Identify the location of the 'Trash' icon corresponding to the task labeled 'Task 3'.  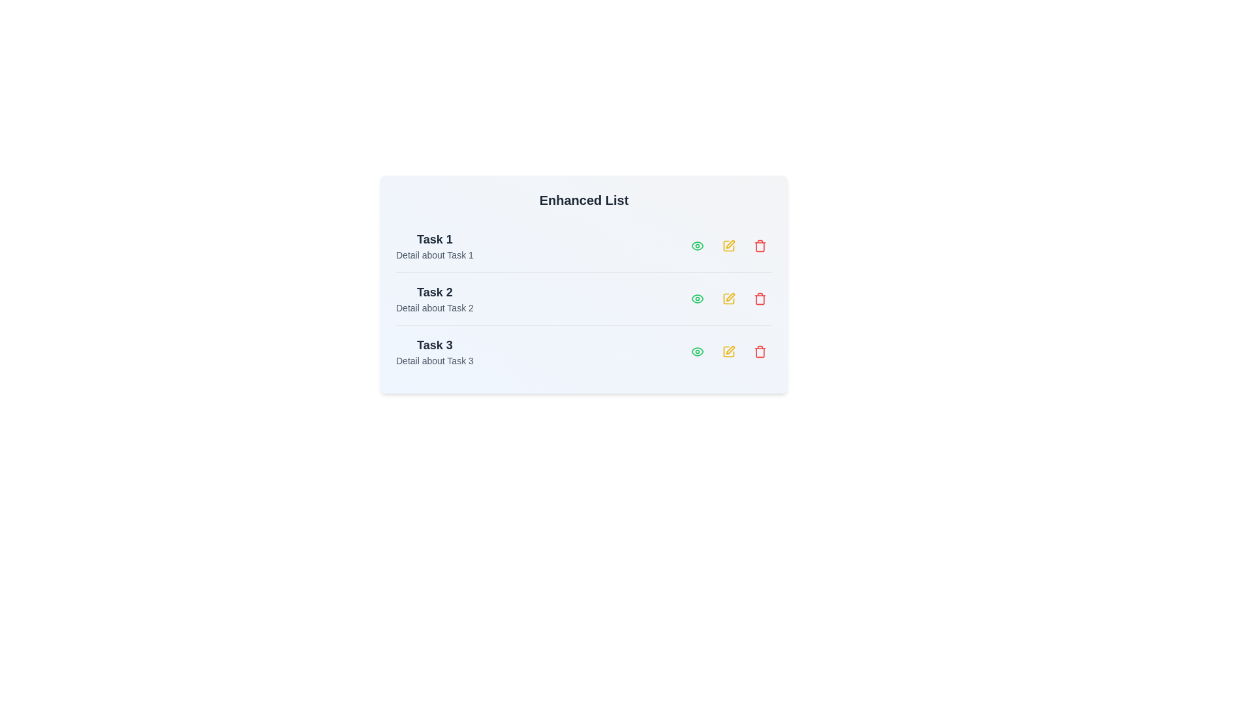
(760, 351).